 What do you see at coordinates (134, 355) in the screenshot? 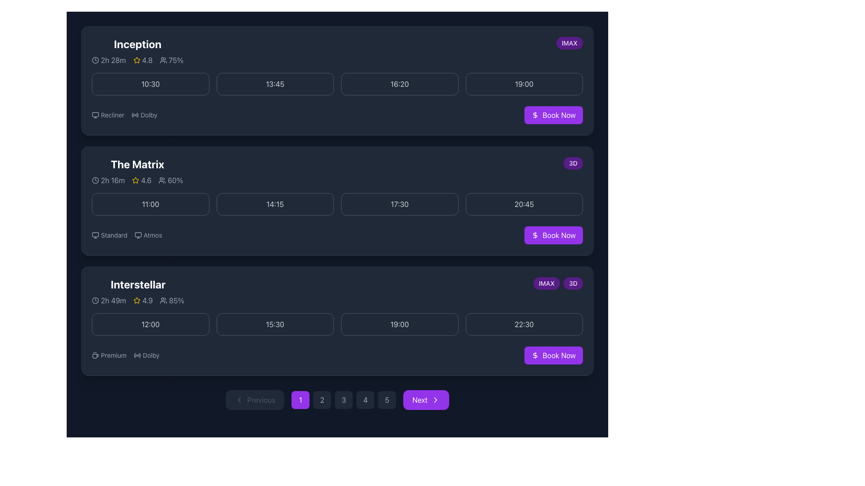
I see `the first arc segment of the circular graphical icon on the left side of the 'Interstellar' section` at bounding box center [134, 355].